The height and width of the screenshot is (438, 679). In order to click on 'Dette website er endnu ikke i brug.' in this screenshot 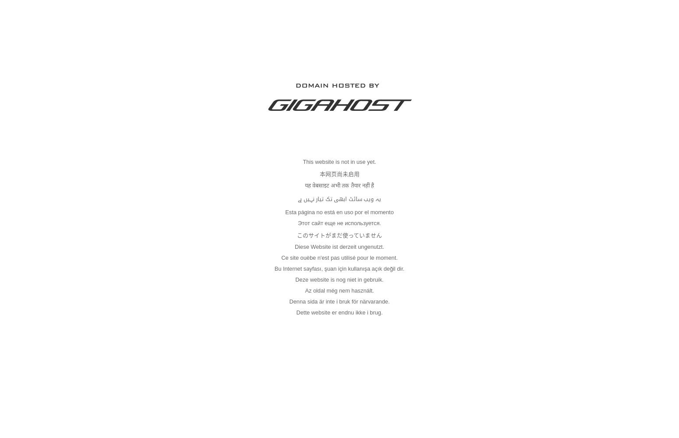, I will do `click(339, 312)`.